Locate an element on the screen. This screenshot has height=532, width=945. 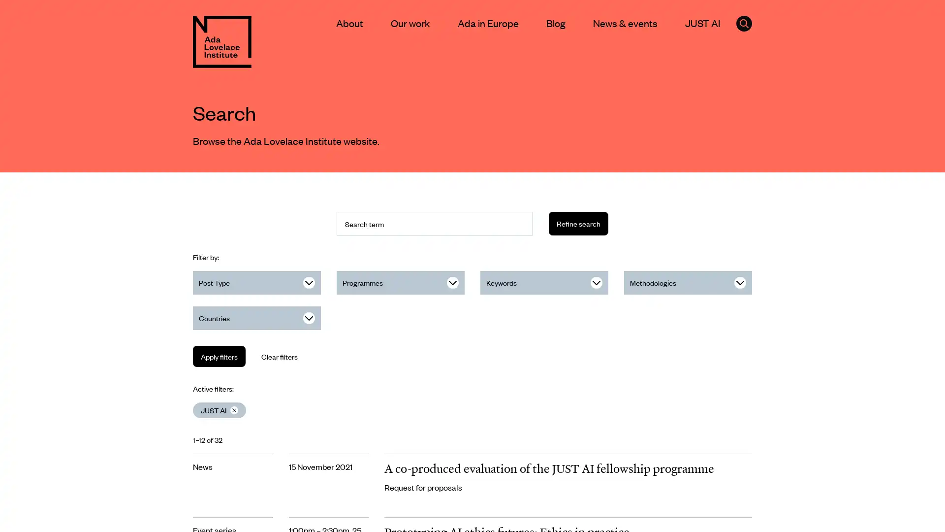
Click to open the search form is located at coordinates (744, 23).